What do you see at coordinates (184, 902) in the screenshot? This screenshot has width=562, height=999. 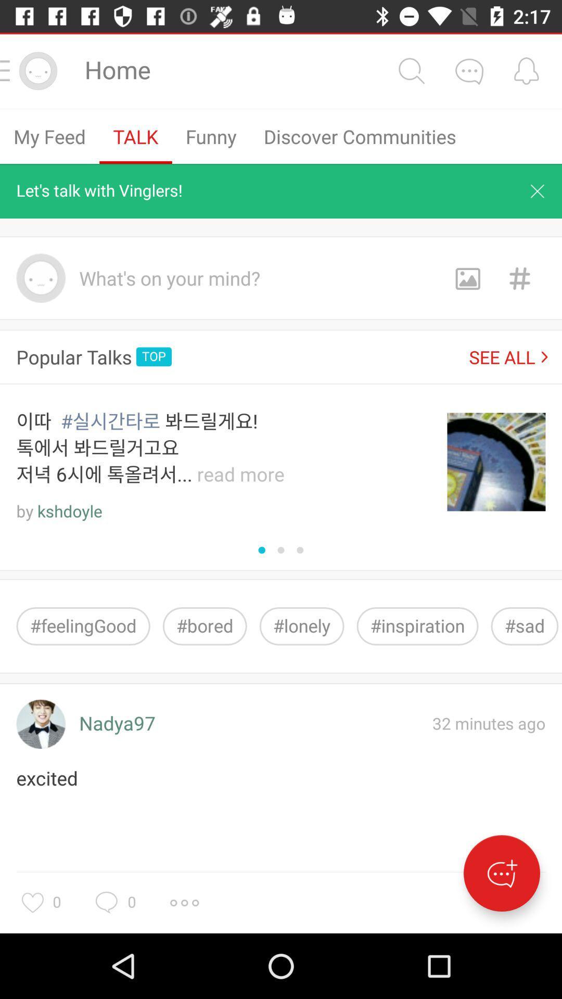 I see `more options` at bounding box center [184, 902].